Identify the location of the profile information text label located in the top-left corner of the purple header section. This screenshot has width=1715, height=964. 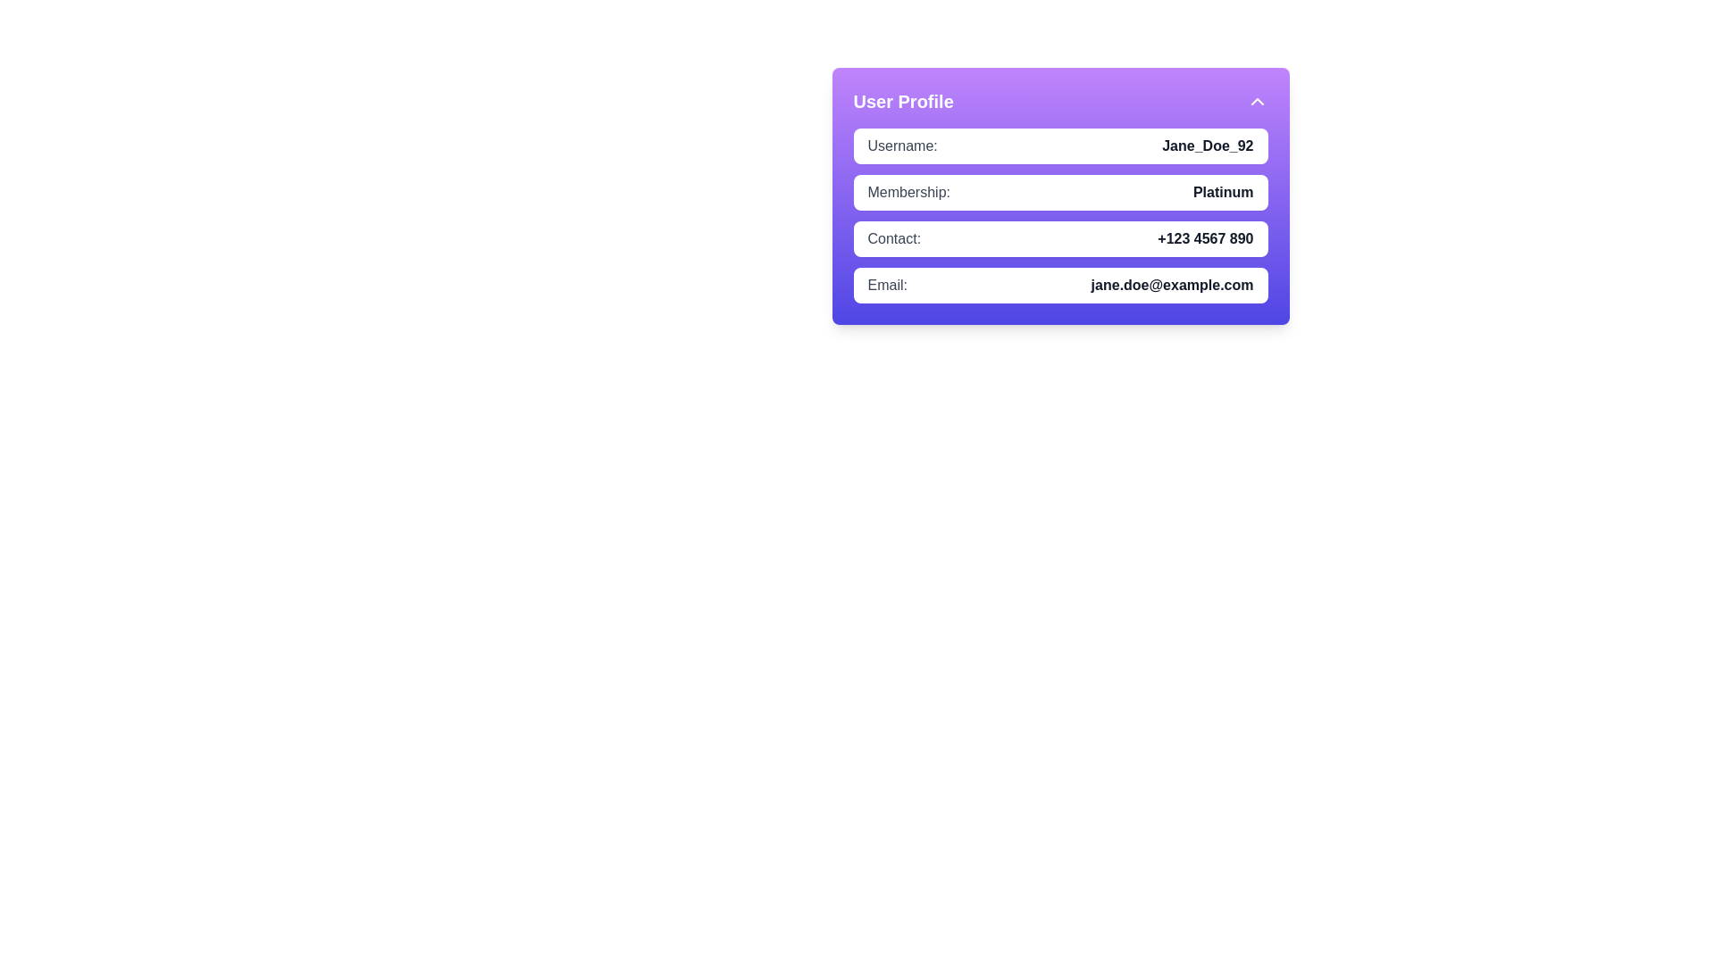
(903, 102).